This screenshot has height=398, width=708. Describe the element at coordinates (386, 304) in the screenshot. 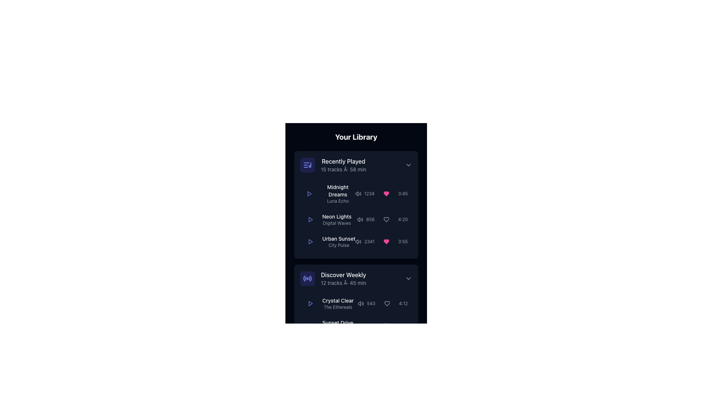

I see `the favorite button located to the right of the track title 'Crystal Clear' in the 'Discover Weekly' section` at that location.